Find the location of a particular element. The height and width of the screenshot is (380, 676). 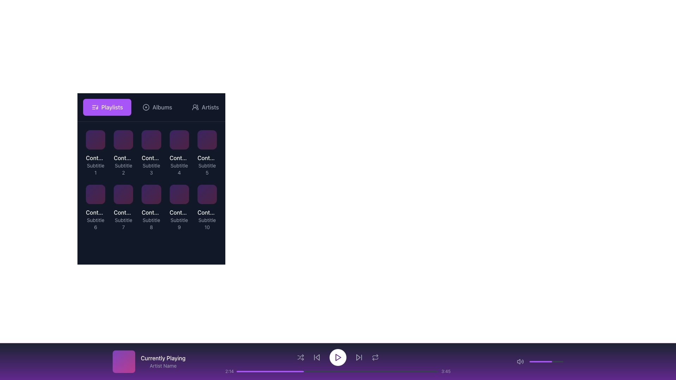

the Graphic Tile labeled 'Content Title 8 Subtitle 8', which is the 8th item in a grid layout of 10 items, located in the middle row, third column from the left is located at coordinates (151, 194).